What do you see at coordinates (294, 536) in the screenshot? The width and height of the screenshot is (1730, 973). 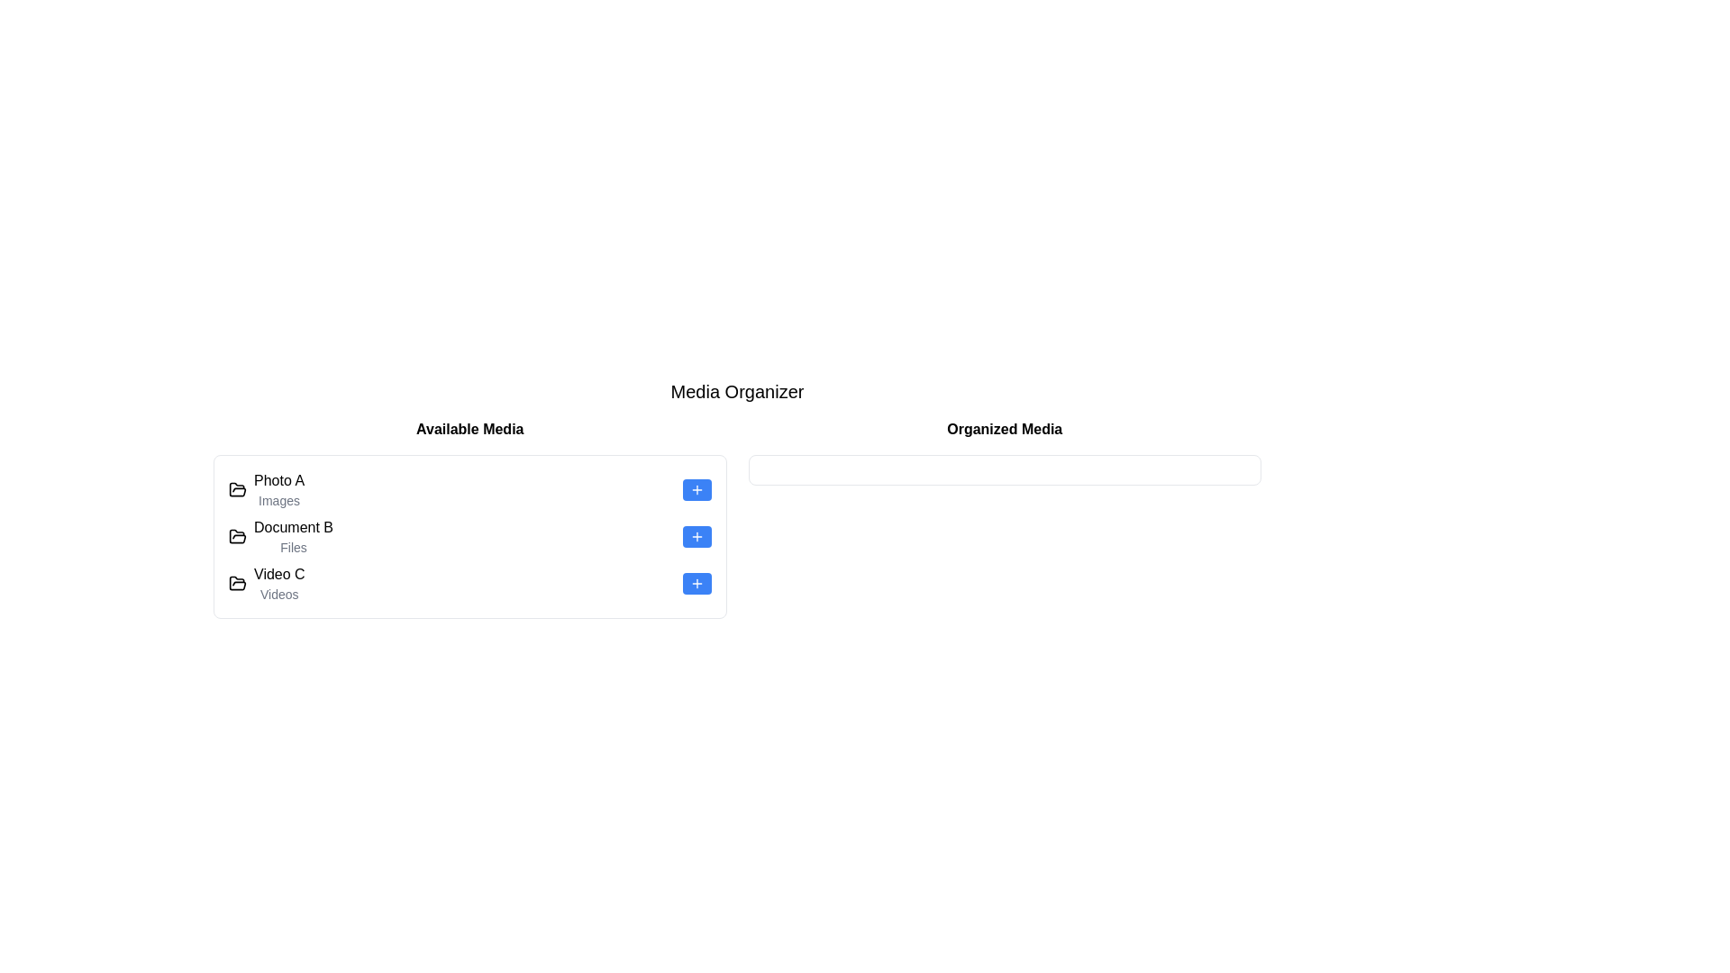 I see `the 'Document B' label with the accompanying folder icon from the second entry in the vertical list under 'Available Media'` at bounding box center [294, 536].